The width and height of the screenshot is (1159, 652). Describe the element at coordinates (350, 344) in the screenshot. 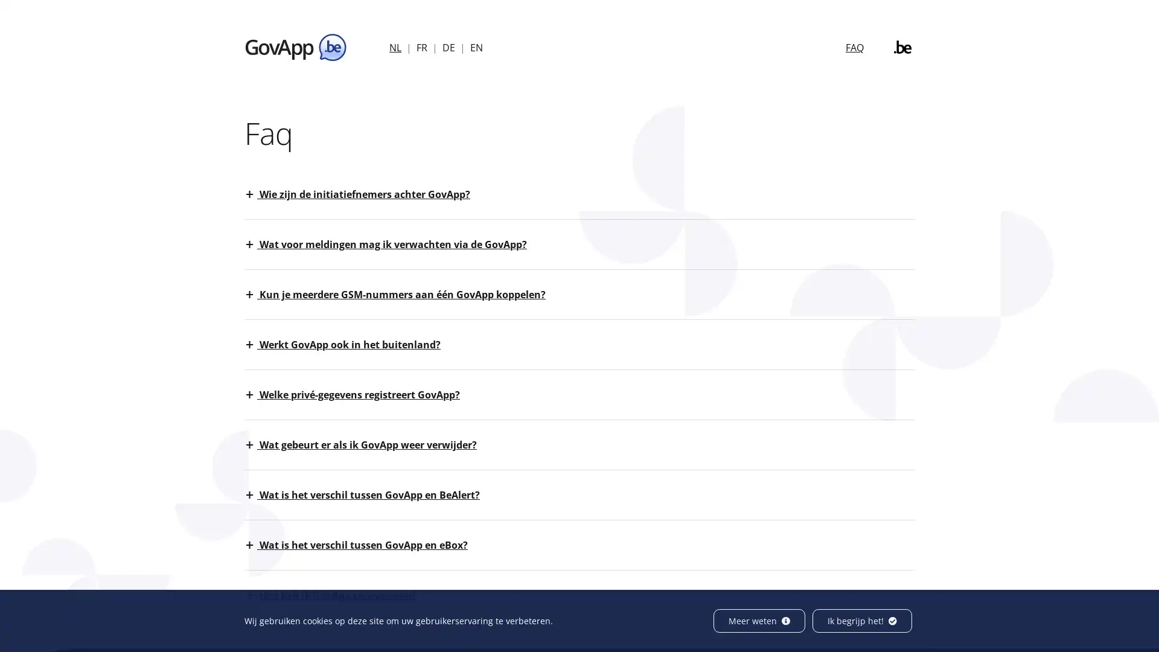

I see `+ Werkt GovApp ook in het buitenland?` at that location.